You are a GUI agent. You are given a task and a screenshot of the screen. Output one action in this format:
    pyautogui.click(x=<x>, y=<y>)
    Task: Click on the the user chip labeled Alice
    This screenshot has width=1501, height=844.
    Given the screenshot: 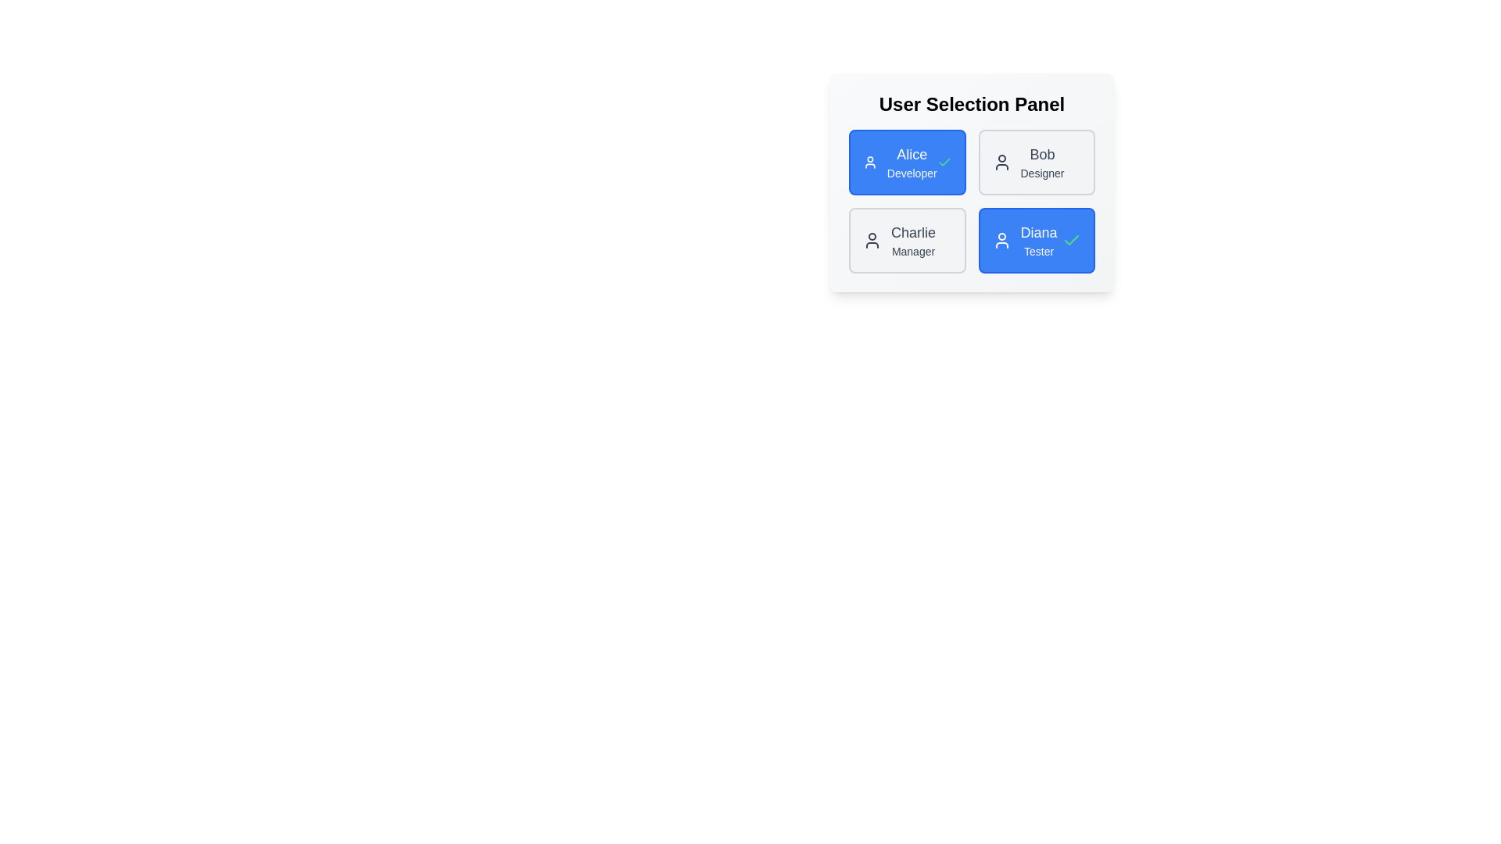 What is the action you would take?
    pyautogui.click(x=907, y=163)
    